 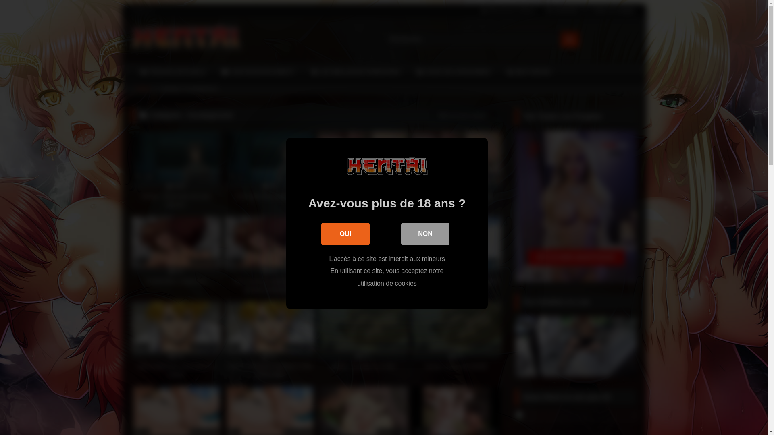 I want to click on '14, so click(x=175, y=340).